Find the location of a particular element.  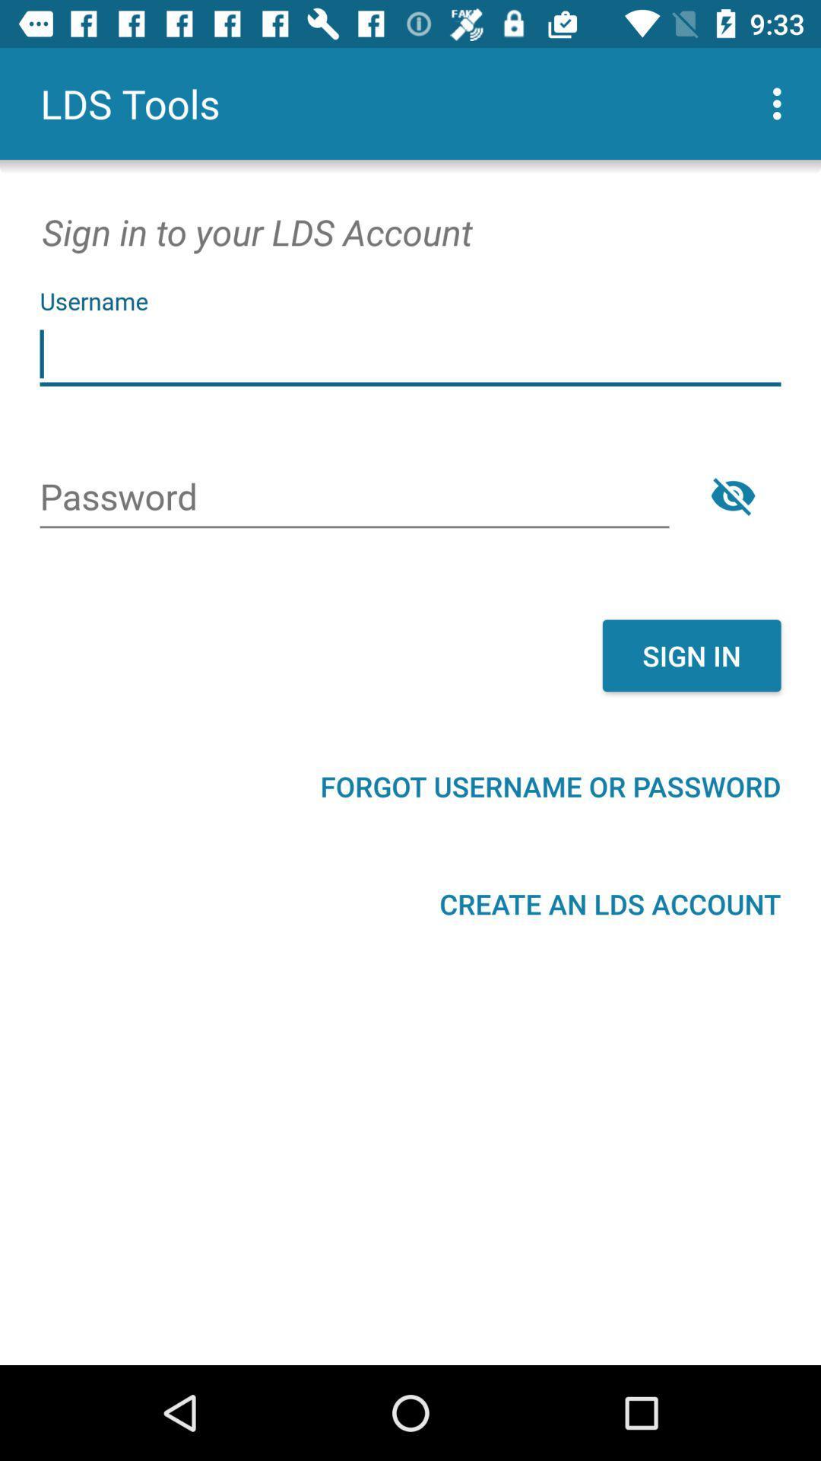

show password is located at coordinates (732, 495).